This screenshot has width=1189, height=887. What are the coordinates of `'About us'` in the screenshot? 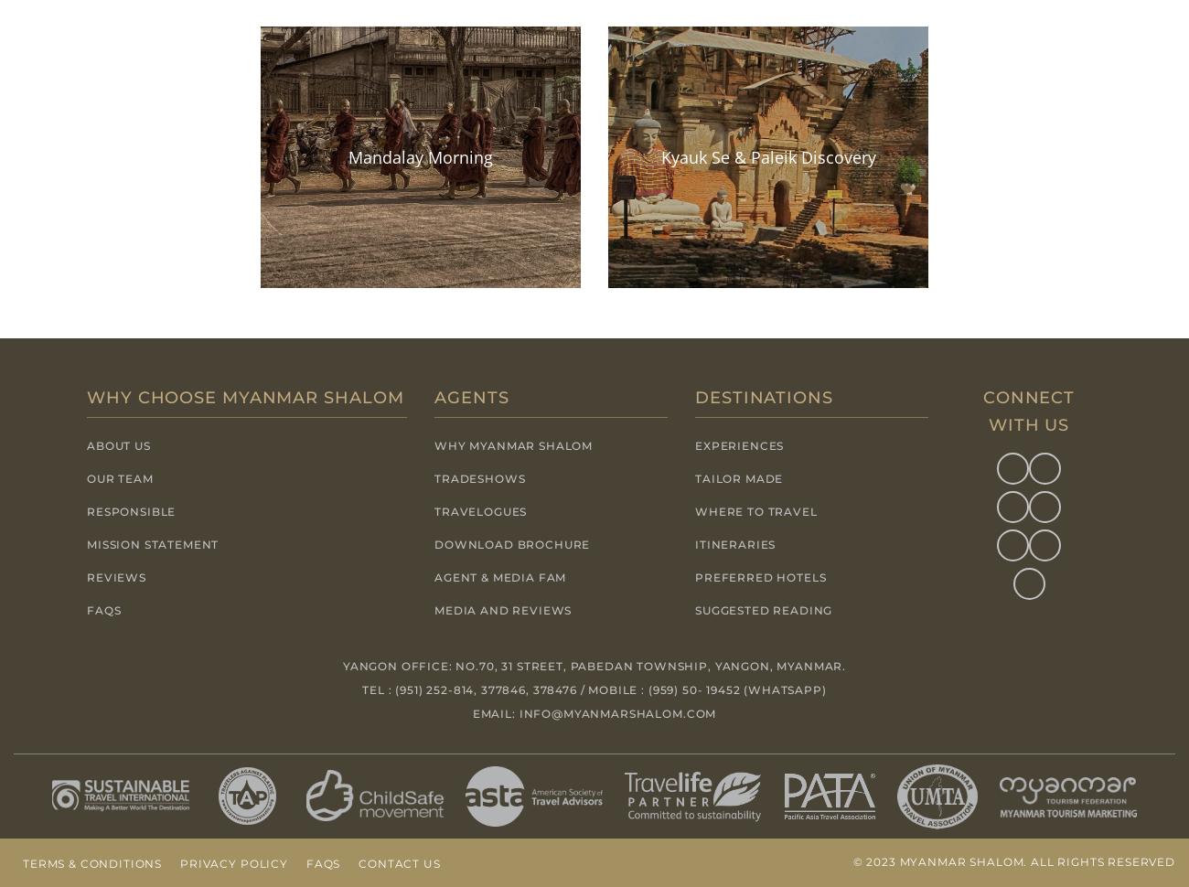 It's located at (87, 444).